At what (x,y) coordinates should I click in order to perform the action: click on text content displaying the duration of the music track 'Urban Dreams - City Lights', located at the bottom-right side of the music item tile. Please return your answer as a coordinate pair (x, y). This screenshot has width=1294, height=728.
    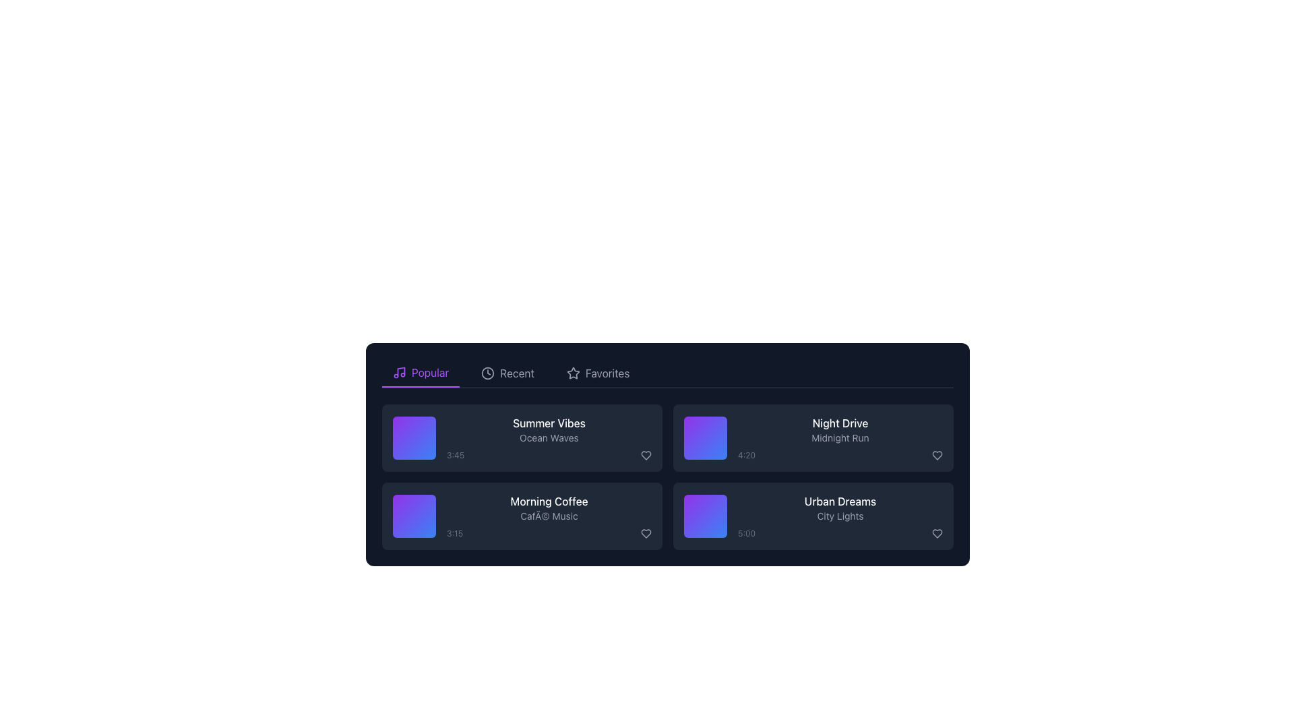
    Looking at the image, I should click on (840, 533).